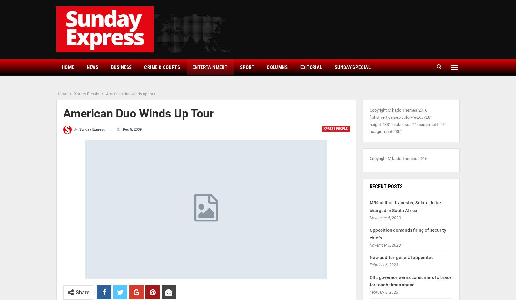 This screenshot has height=300, width=516. What do you see at coordinates (277, 67) in the screenshot?
I see `'Columns'` at bounding box center [277, 67].